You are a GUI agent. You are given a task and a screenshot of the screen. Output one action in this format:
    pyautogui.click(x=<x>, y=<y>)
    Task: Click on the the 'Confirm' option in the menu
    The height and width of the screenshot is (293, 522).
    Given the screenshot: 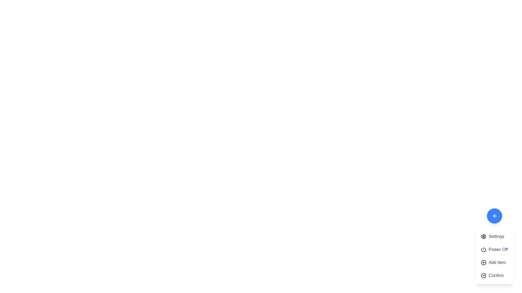 What is the action you would take?
    pyautogui.click(x=494, y=275)
    